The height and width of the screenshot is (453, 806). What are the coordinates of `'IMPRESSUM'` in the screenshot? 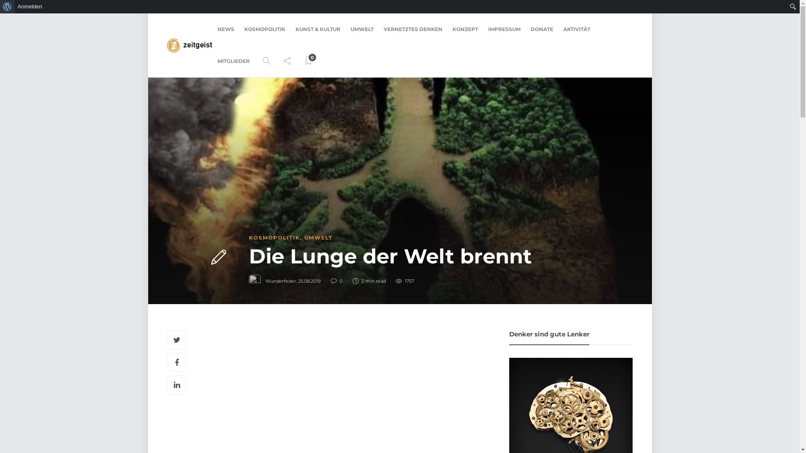 It's located at (504, 29).